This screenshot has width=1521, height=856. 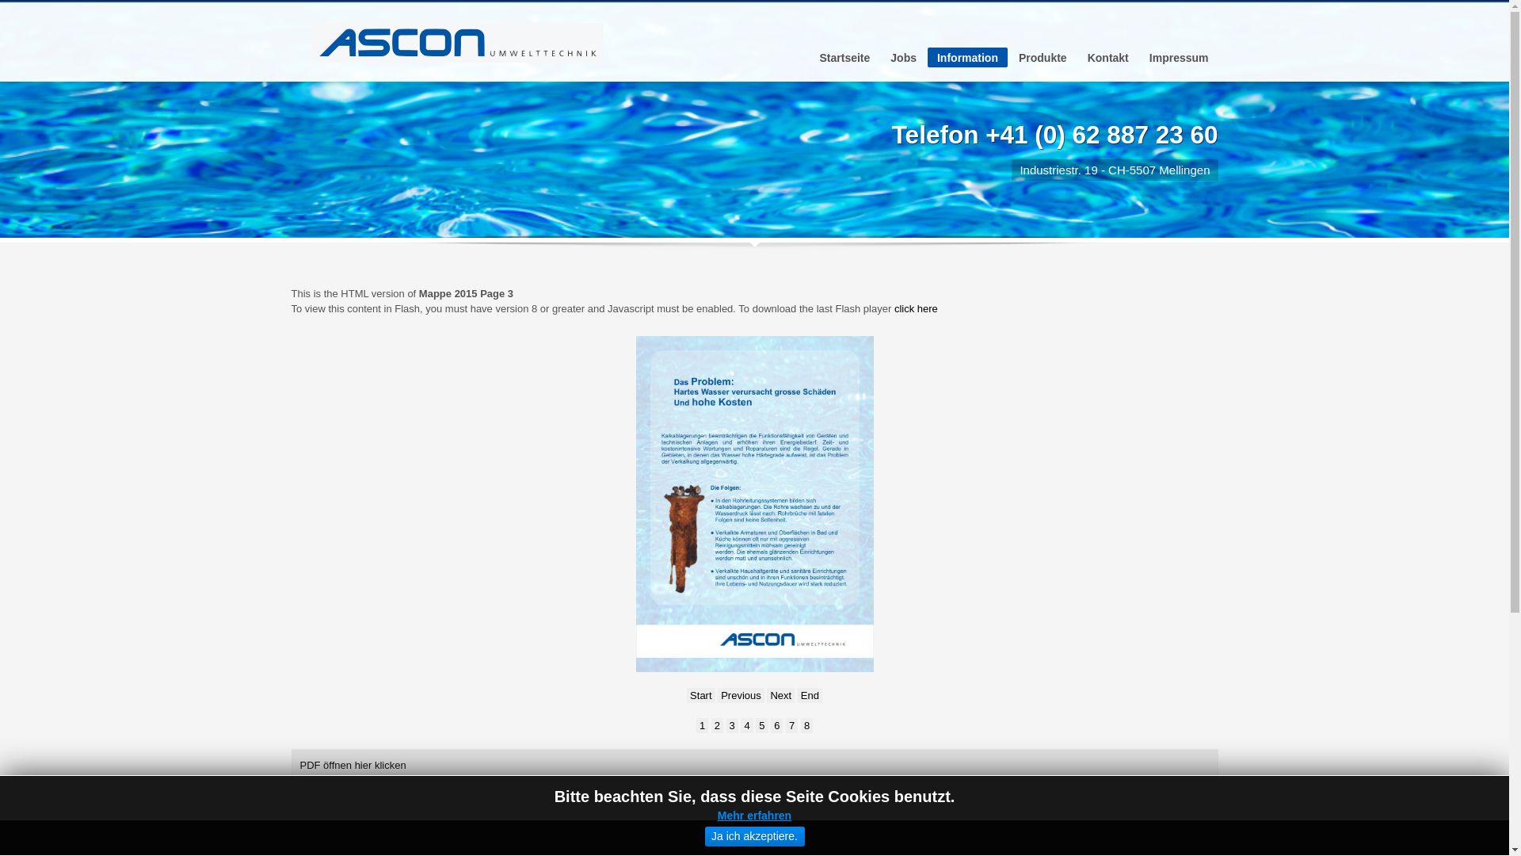 I want to click on '8', so click(x=806, y=725).